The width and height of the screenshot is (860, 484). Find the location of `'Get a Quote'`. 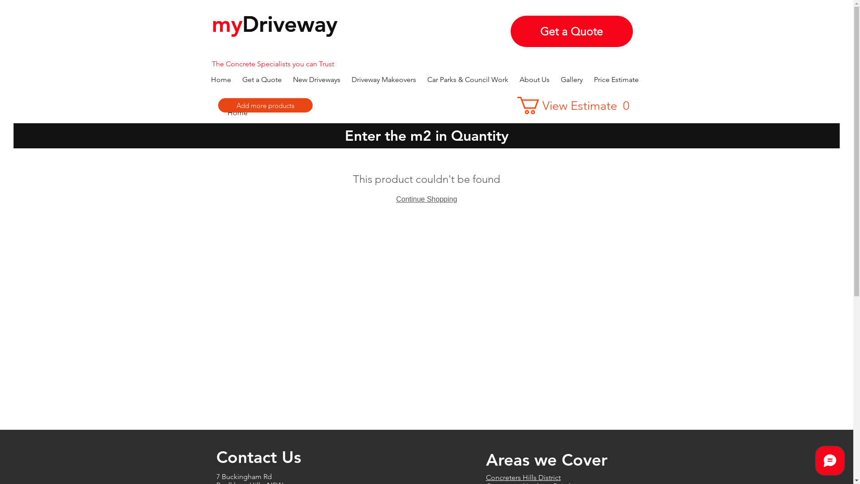

'Get a Quote' is located at coordinates (237, 79).